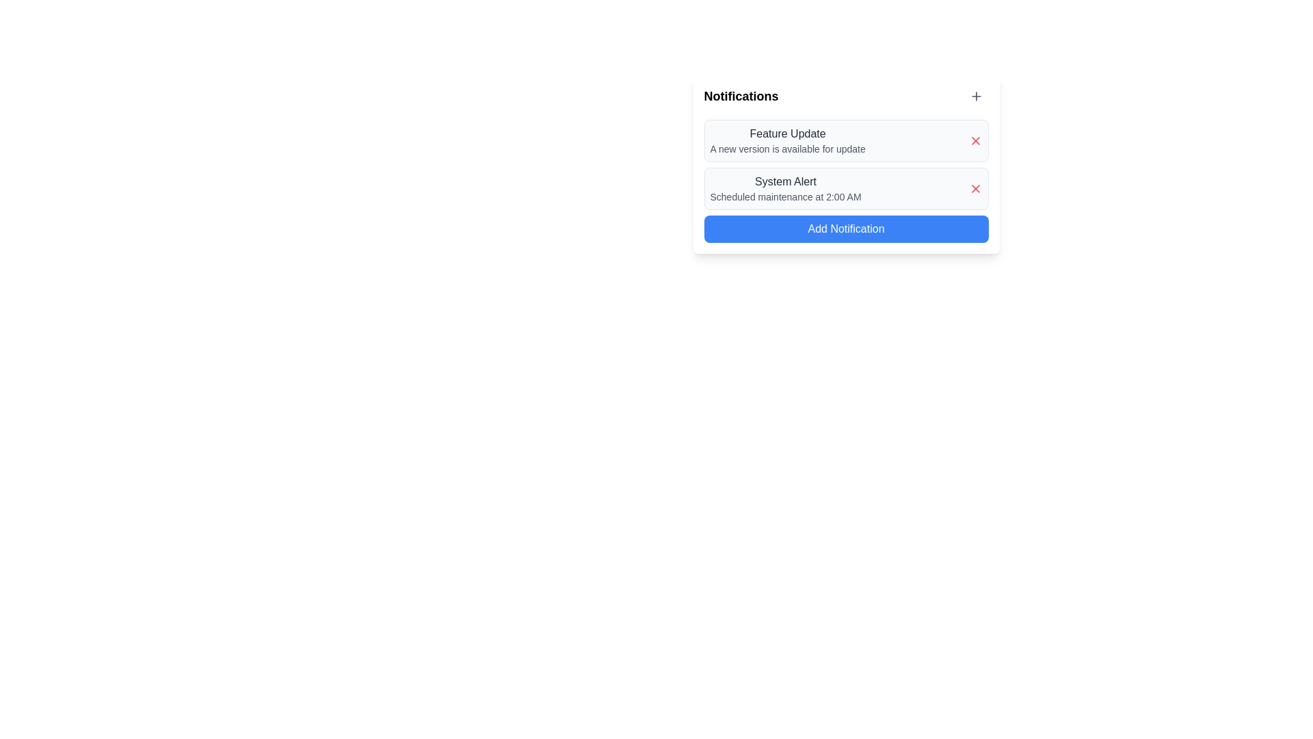 This screenshot has width=1313, height=739. What do you see at coordinates (845, 229) in the screenshot?
I see `the blue 'Add Notification' button with rounded corners to observe its color change when hovered` at bounding box center [845, 229].